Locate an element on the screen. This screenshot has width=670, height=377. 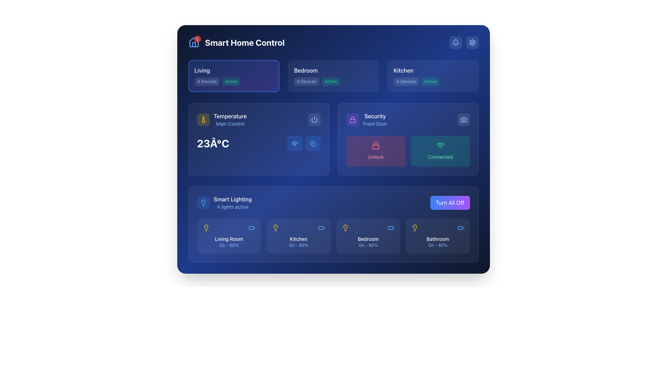
the interactive status block labeled 'Bedroom', which has a dark blue background and includes a yellow lightbulb icon on the left and a blue battery icon on the right is located at coordinates (368, 236).